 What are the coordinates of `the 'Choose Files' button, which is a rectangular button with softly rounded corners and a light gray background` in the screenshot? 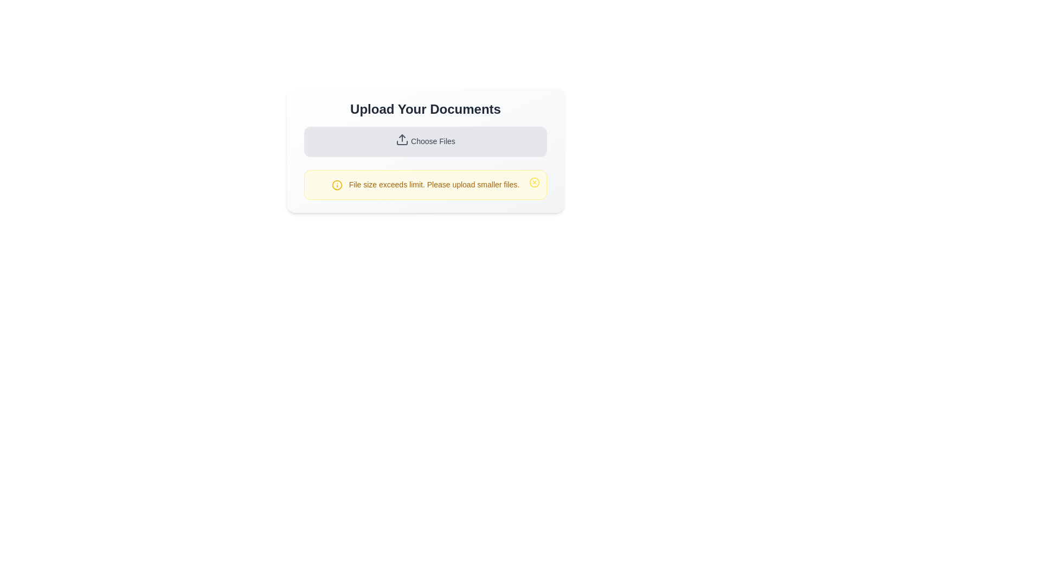 It's located at (425, 141).